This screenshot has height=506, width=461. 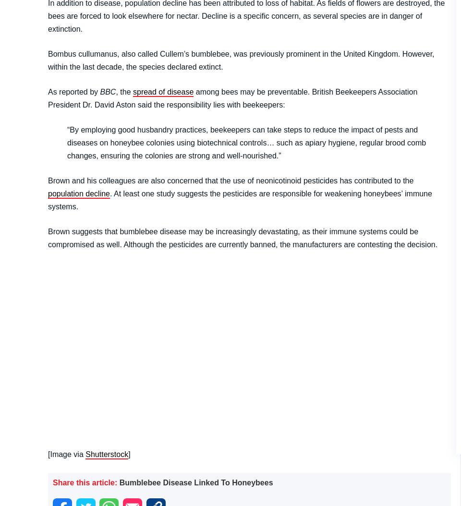 What do you see at coordinates (123, 91) in the screenshot?
I see `', the'` at bounding box center [123, 91].